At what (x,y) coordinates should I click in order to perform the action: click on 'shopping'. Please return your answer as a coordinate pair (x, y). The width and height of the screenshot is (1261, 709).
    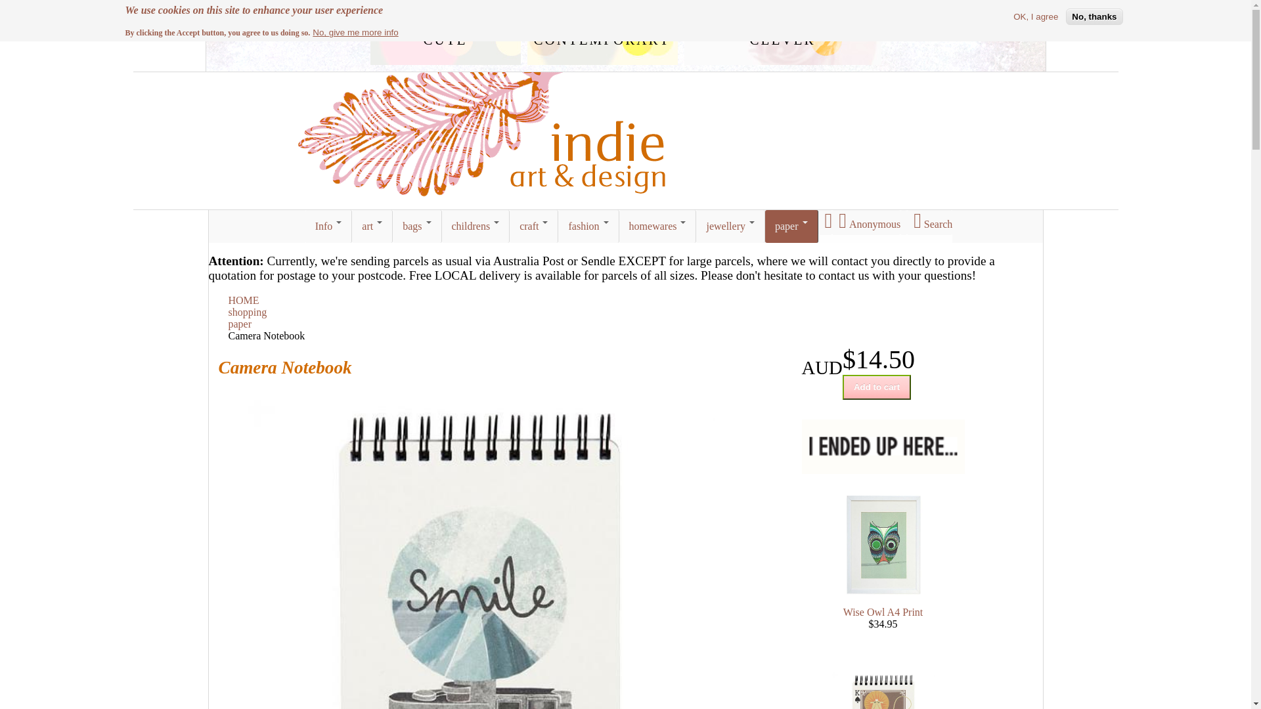
    Looking at the image, I should click on (248, 312).